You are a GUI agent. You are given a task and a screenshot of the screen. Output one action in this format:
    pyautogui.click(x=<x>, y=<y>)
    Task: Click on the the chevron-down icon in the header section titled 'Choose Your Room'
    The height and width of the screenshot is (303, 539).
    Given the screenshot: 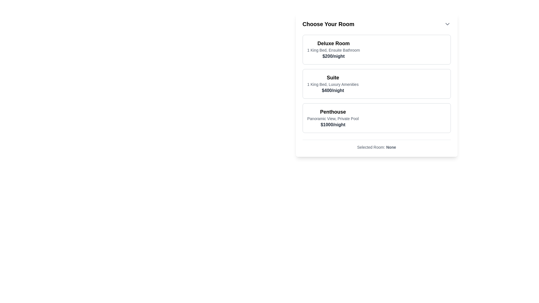 What is the action you would take?
    pyautogui.click(x=447, y=24)
    